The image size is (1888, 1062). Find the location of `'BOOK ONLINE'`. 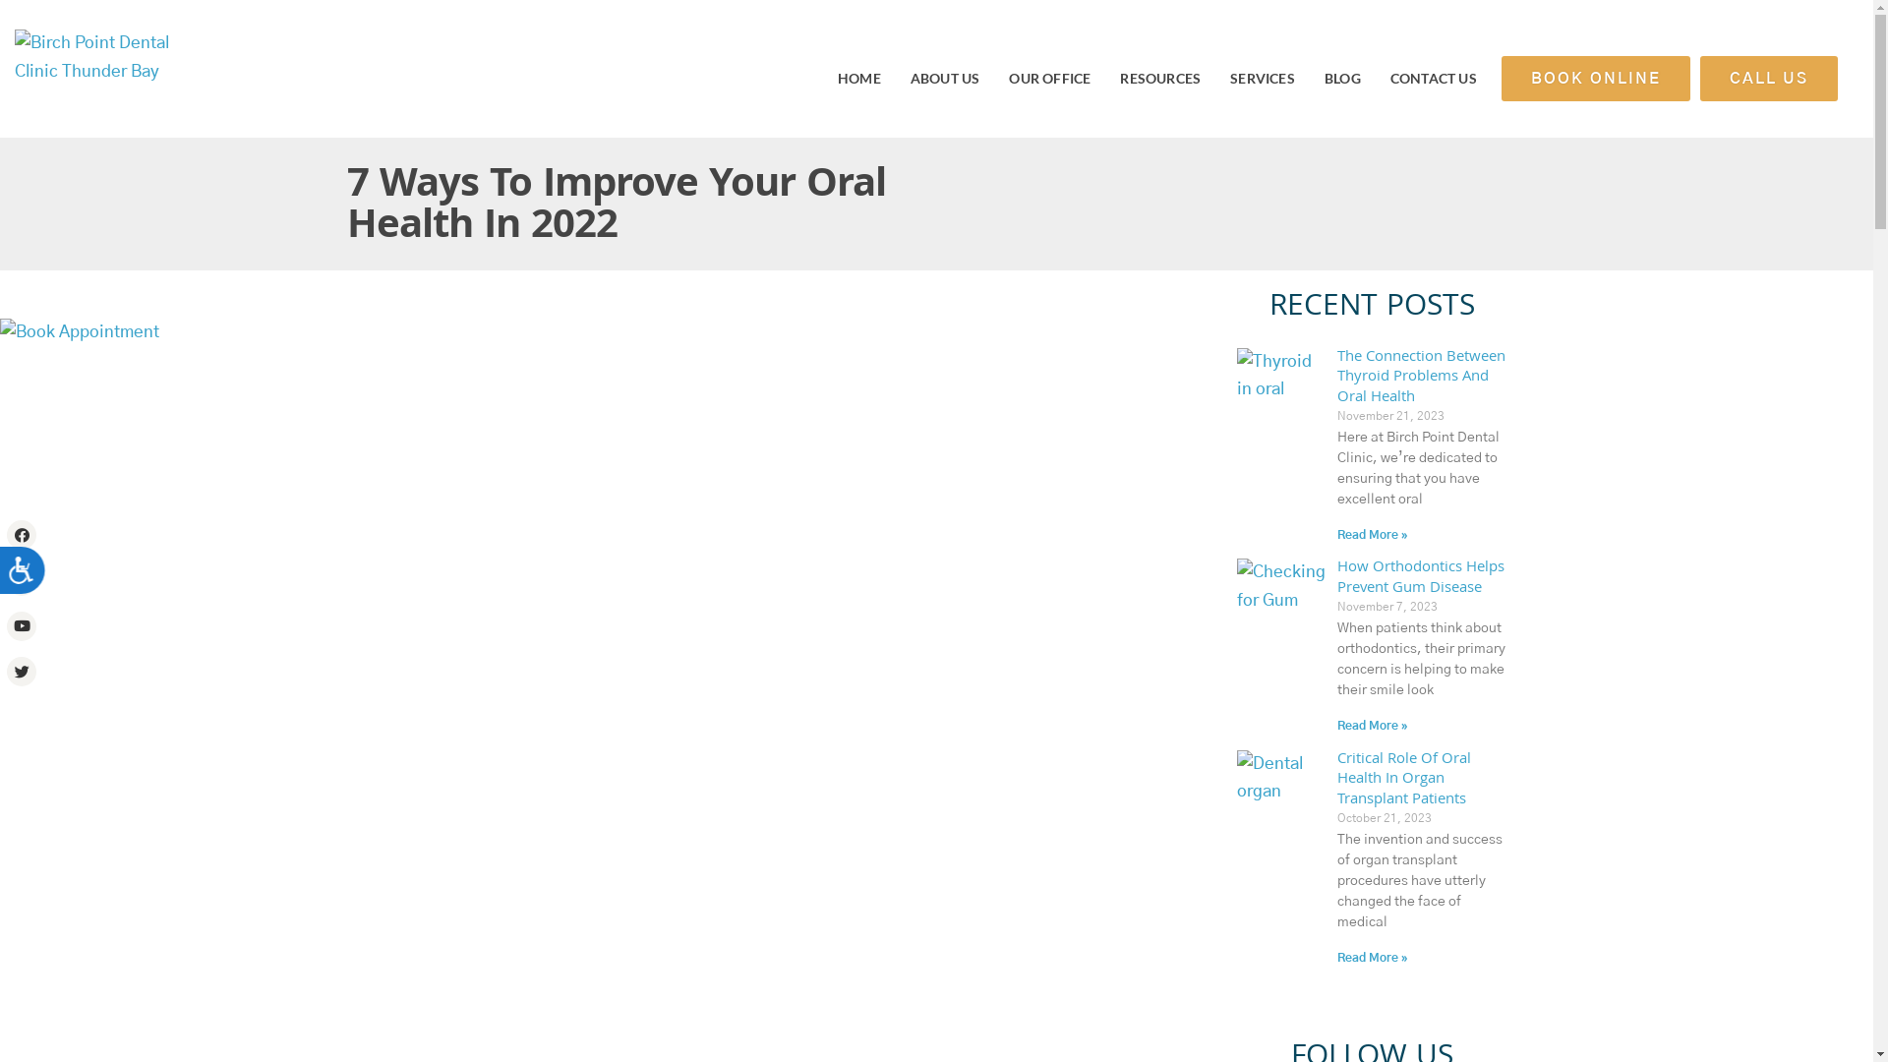

'BOOK ONLINE' is located at coordinates (1595, 78).